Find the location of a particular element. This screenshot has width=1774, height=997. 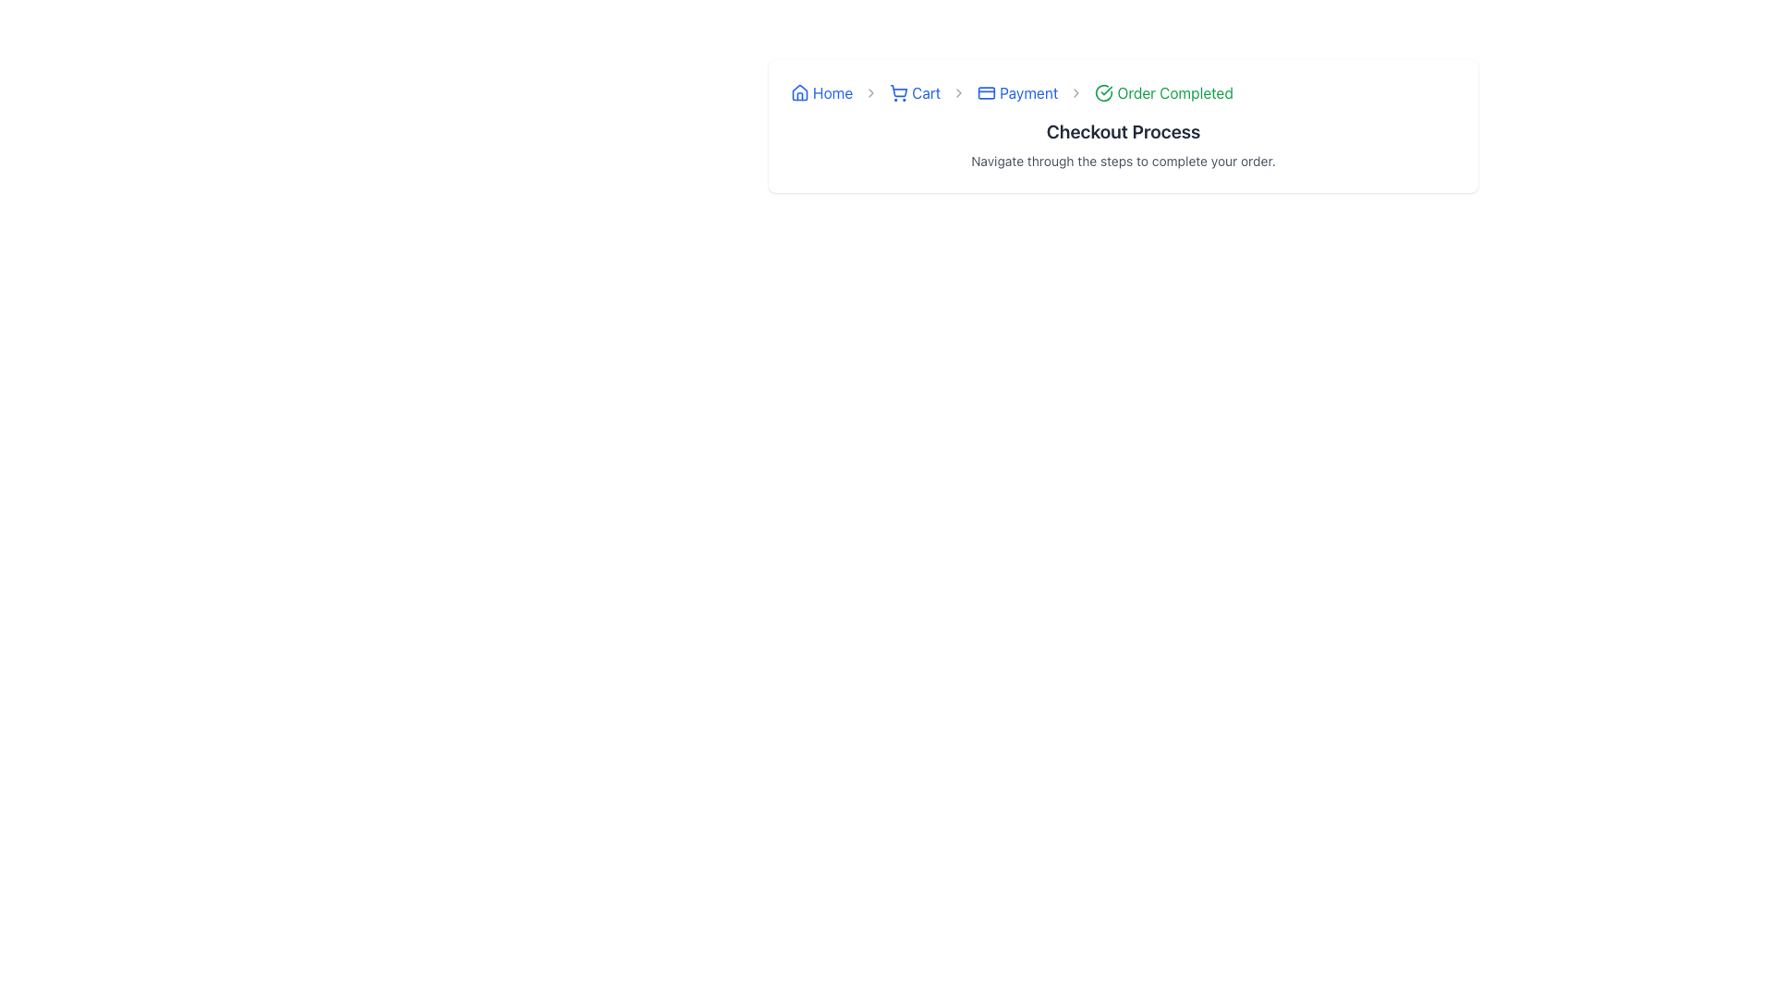

the right-facing chevron-shaped icon in the breadcrumb navigation, located between the 'Home' and 'Cart' labels is located at coordinates (870, 92).